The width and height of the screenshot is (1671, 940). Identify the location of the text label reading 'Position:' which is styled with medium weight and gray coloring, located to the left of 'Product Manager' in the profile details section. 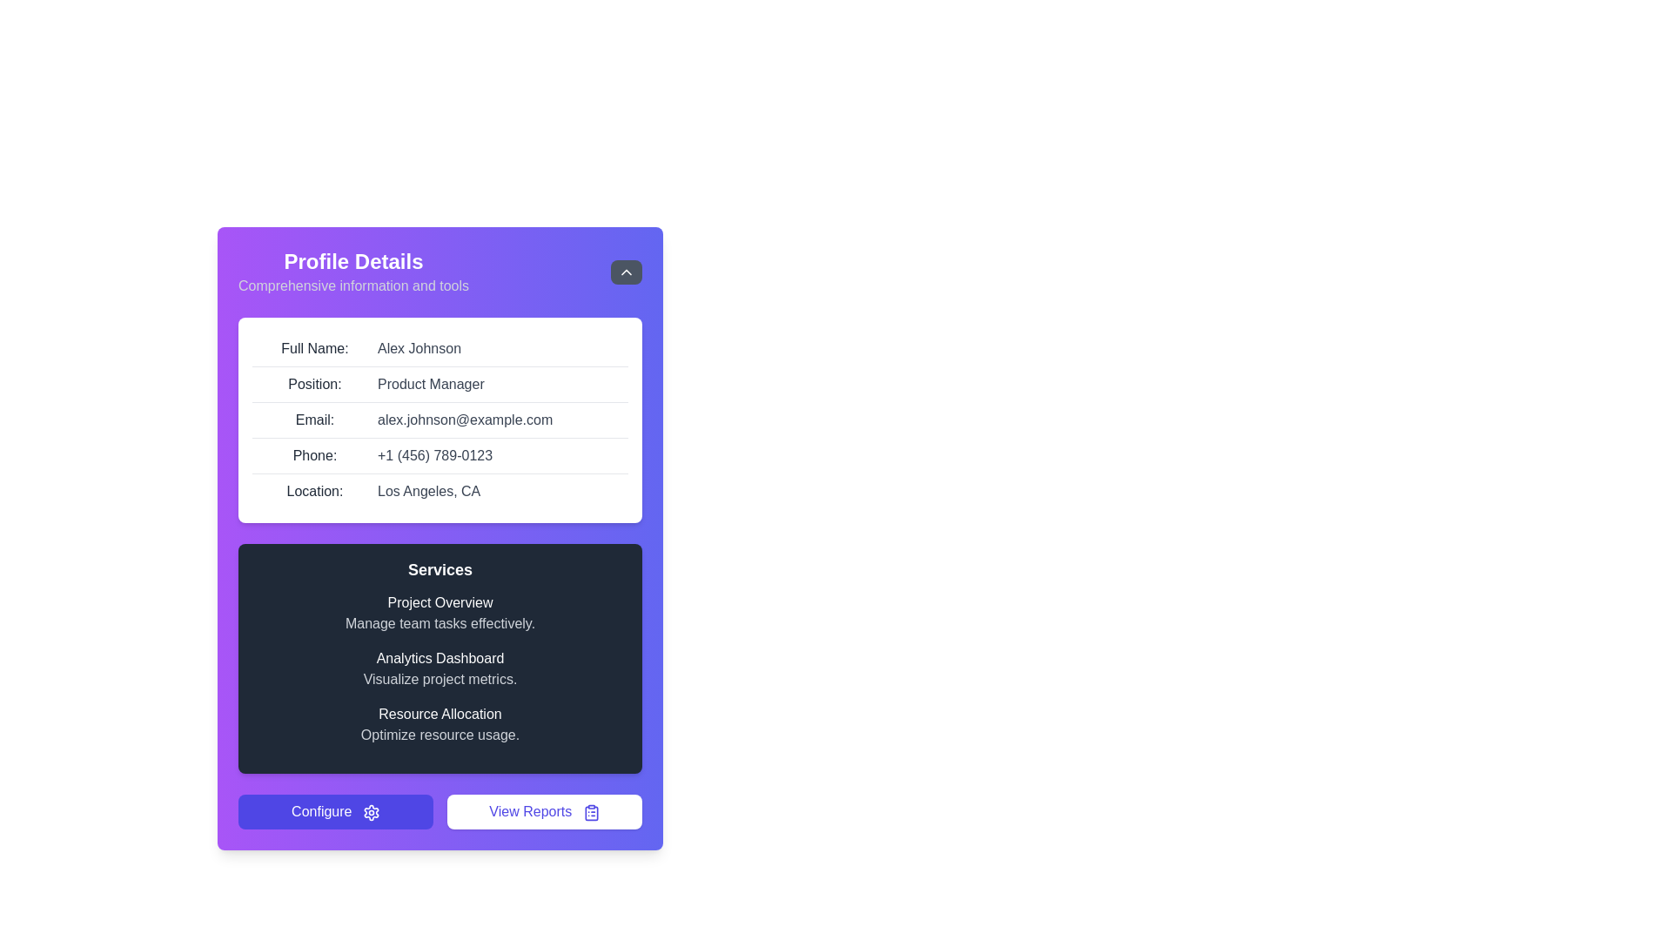
(314, 384).